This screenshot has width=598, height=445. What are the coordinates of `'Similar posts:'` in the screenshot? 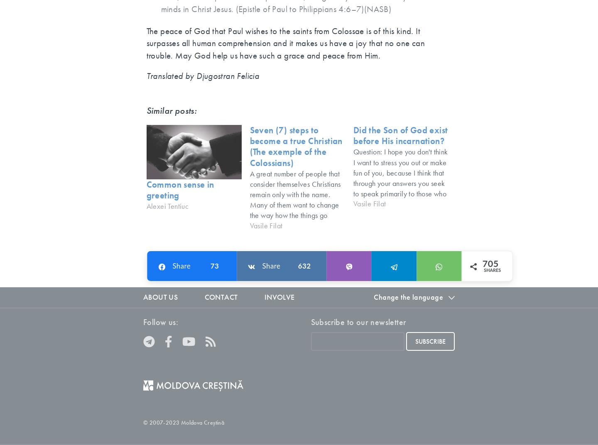 It's located at (171, 110).